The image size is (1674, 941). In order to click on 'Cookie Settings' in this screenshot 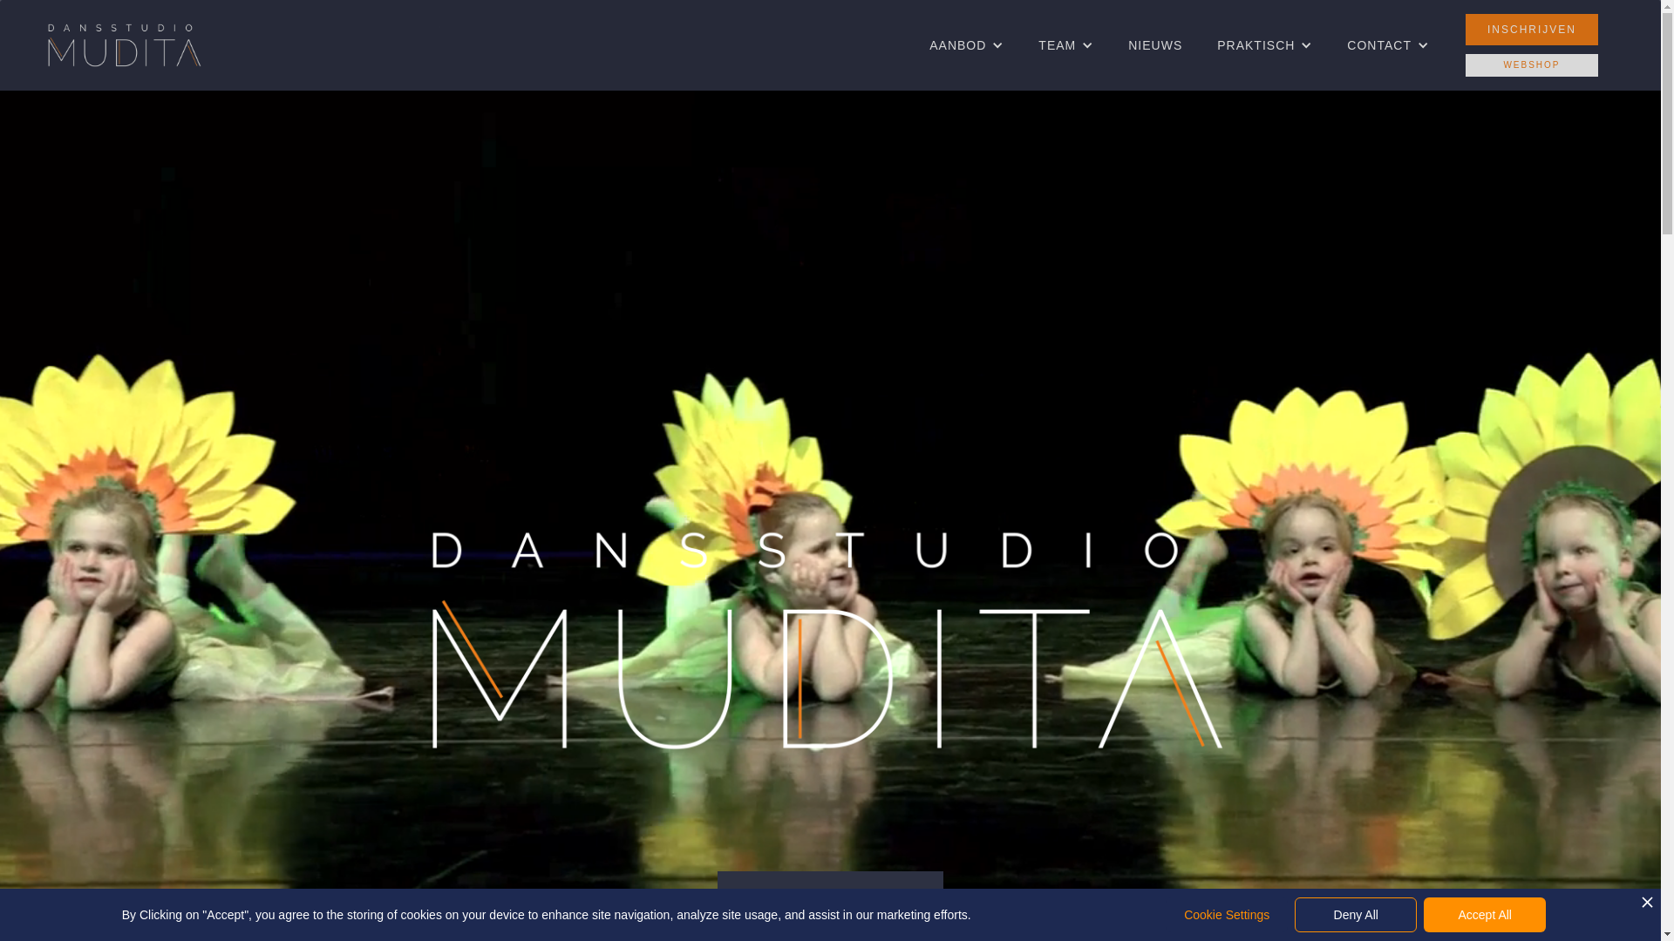, I will do `click(1225, 913)`.